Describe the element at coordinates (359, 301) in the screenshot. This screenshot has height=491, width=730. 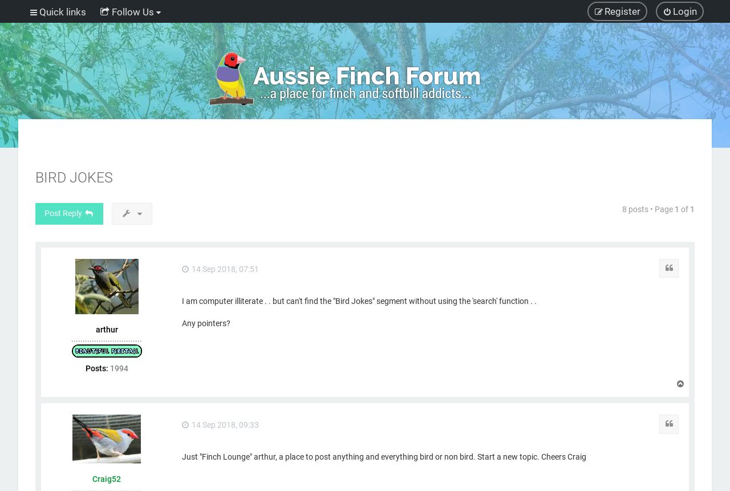
I see `'I am computer illiterate . . but can't find the "Bird Jokes" segment without using the 'search' function . .'` at that location.